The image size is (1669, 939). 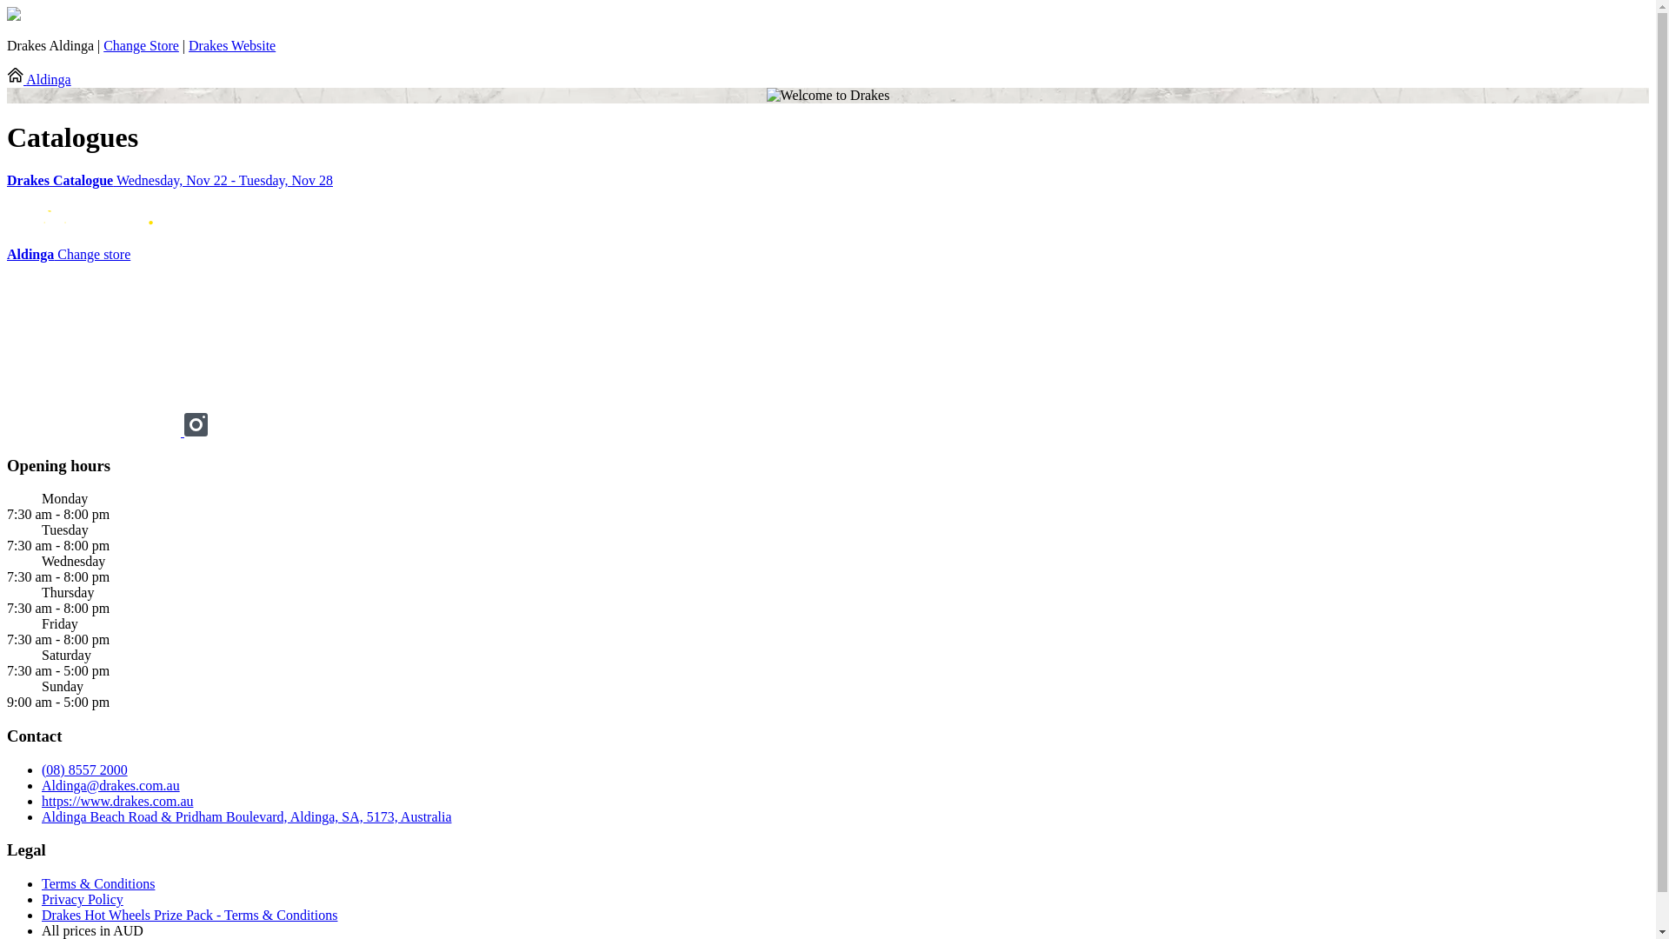 What do you see at coordinates (116, 801) in the screenshot?
I see `'https://www.drakes.com.au'` at bounding box center [116, 801].